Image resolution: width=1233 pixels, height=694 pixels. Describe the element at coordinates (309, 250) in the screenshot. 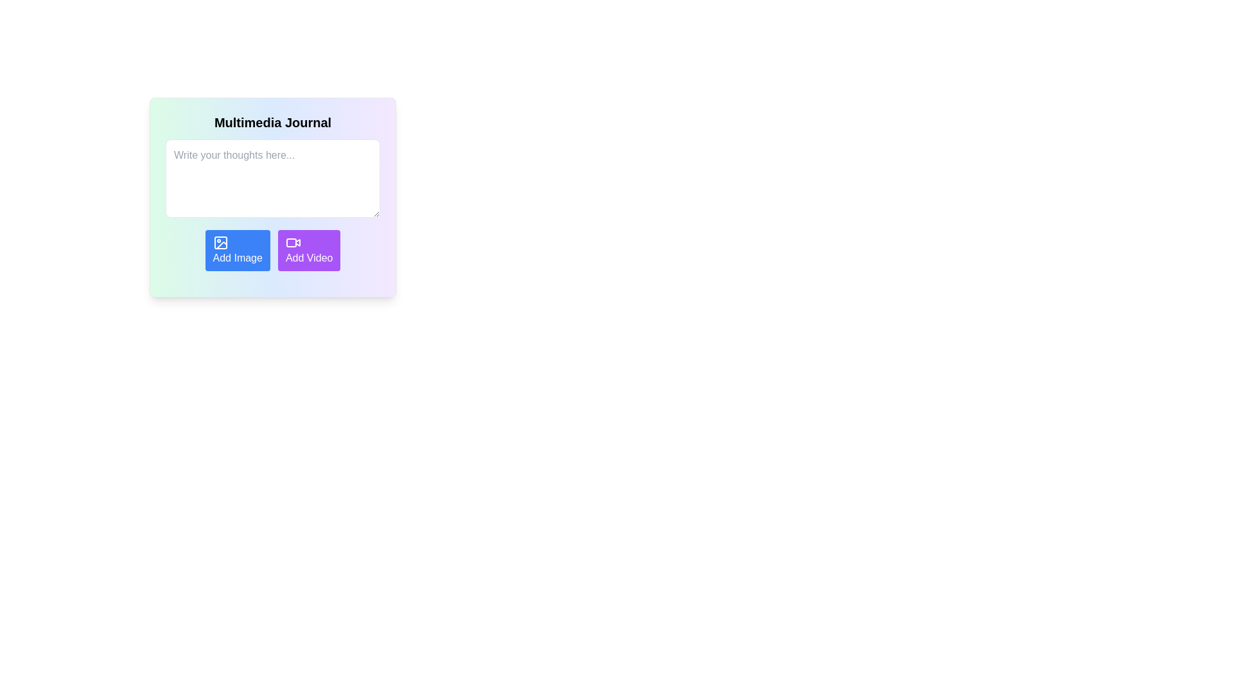

I see `the 'Add Video' button which has a purple background, white text, and a video camera icon, located below the text input field labeled 'Write your thoughts here...'` at that location.